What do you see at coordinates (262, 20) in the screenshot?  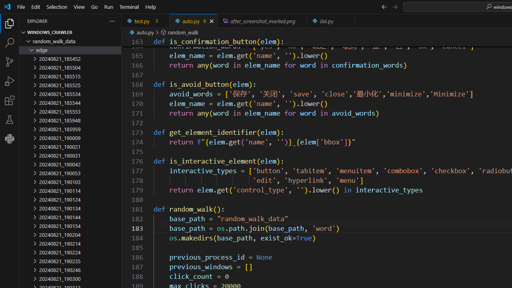 I see `'after_screenshot_marked.png, preview'` at bounding box center [262, 20].